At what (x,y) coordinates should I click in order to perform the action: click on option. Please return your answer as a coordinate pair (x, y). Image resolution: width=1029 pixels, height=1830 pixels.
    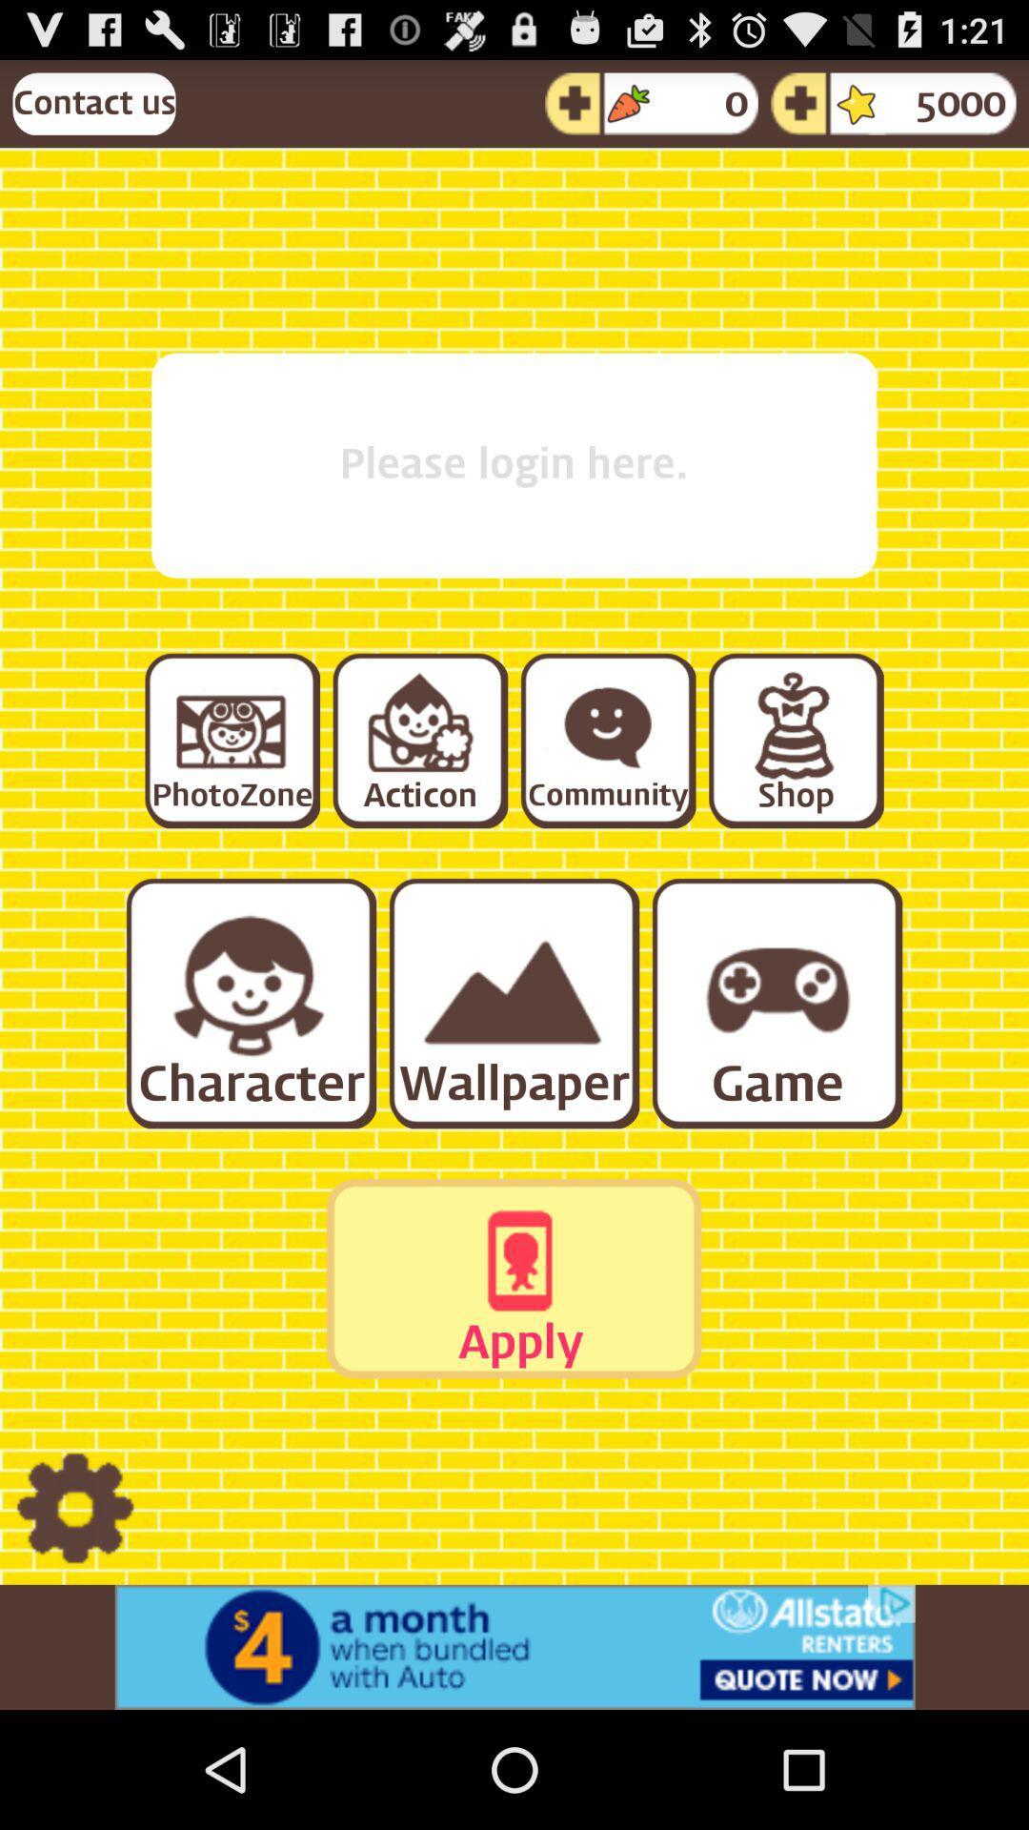
    Looking at the image, I should click on (231, 739).